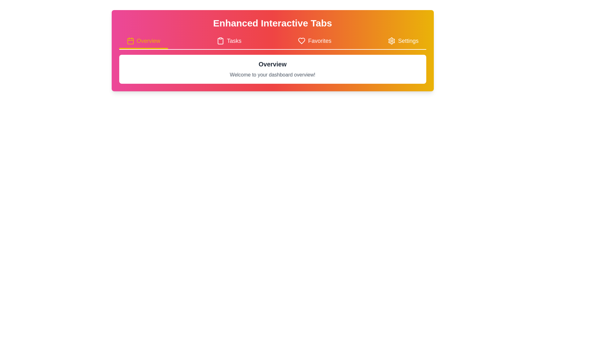  I want to click on the 'Settings' gear icon in the navigation bar, so click(391, 41).